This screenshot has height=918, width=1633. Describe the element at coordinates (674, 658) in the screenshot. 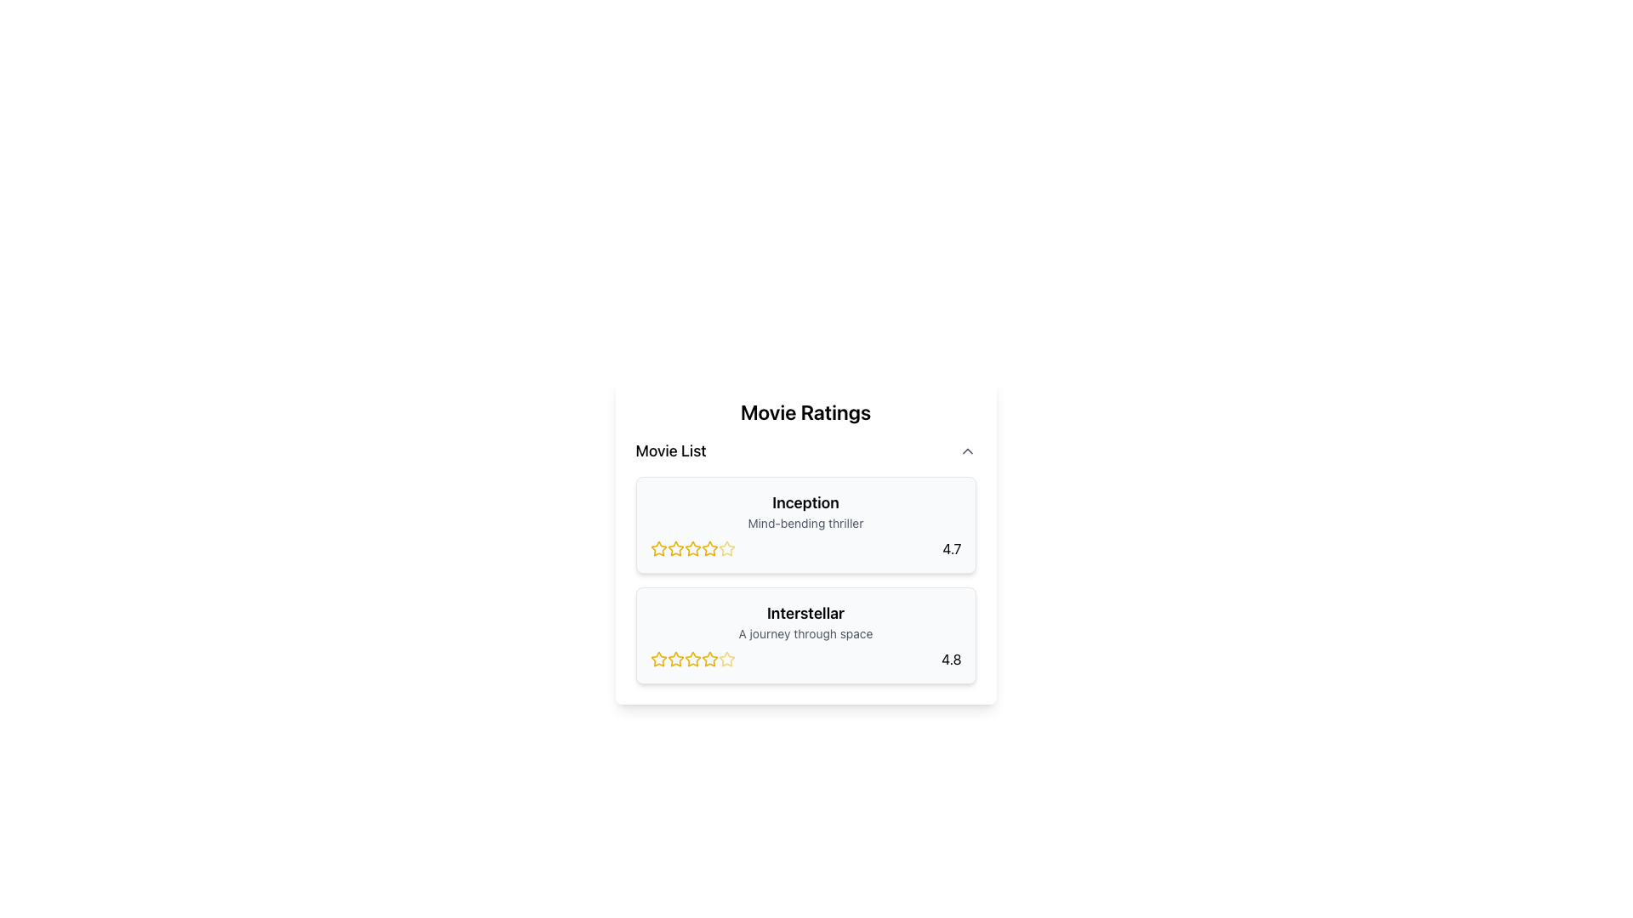

I see `the second star icon in the Movie Ratings section beneath the 'Interstellar' movie entry` at that location.